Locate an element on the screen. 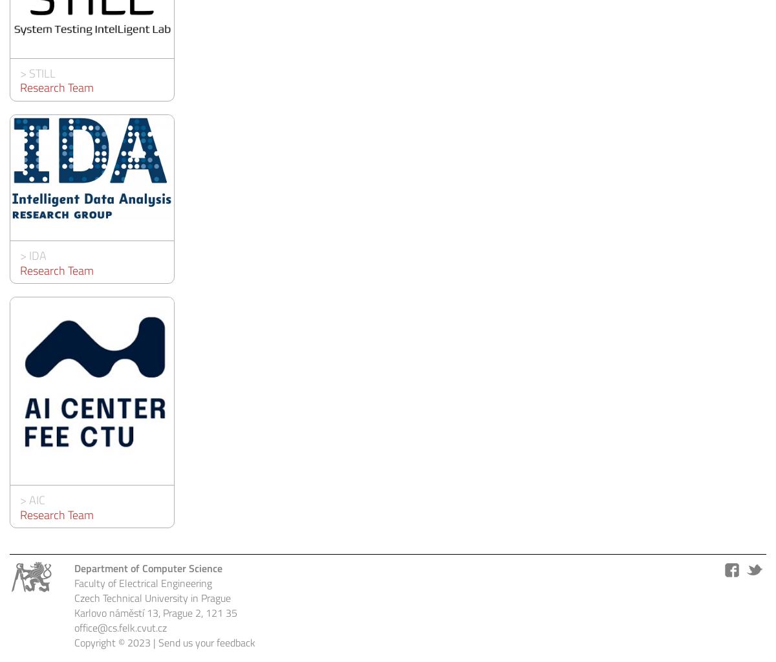 The height and width of the screenshot is (662, 776). 'Copyright © 2023 |' is located at coordinates (116, 641).